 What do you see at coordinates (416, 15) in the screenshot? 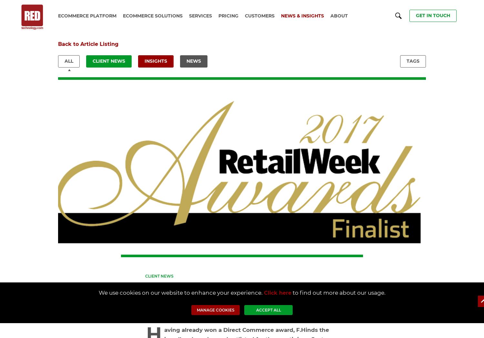
I see `'get in touch'` at bounding box center [416, 15].